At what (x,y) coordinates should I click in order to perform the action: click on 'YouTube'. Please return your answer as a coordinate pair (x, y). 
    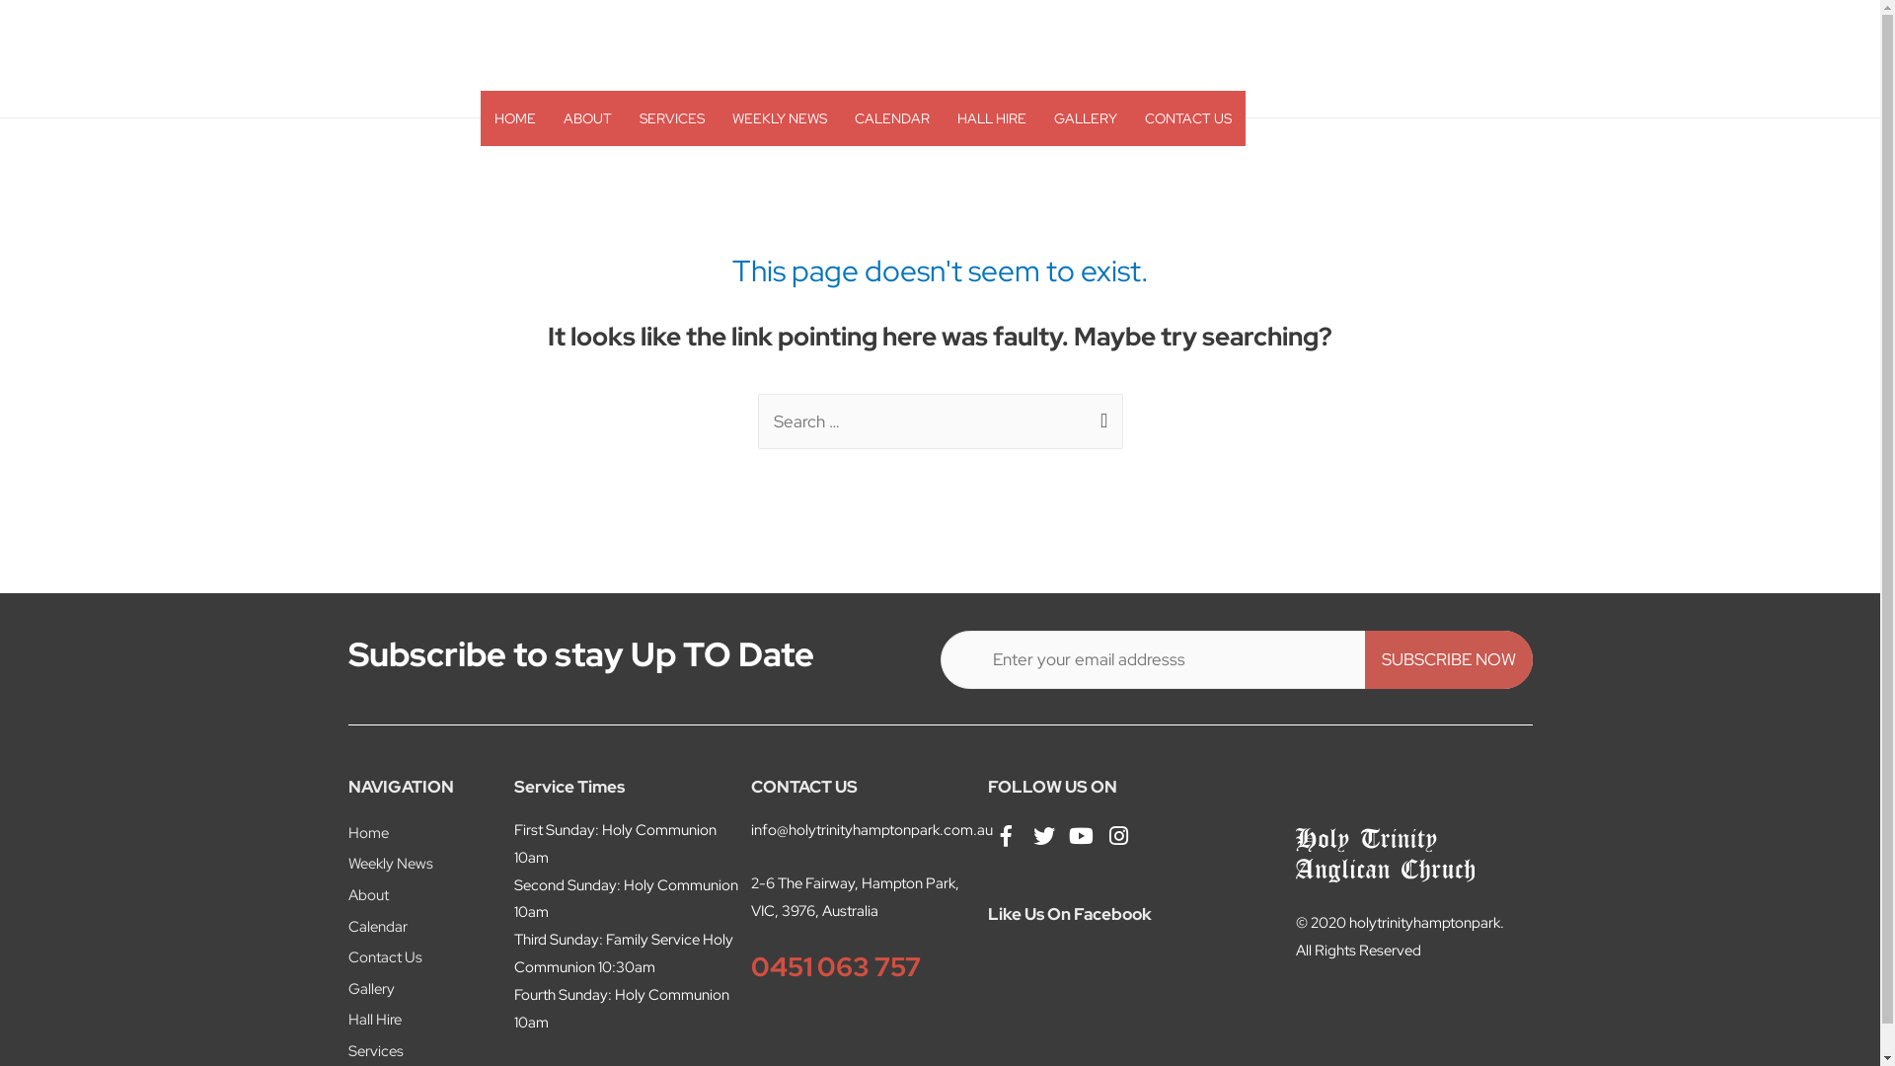
    Looking at the image, I should click on (1080, 836).